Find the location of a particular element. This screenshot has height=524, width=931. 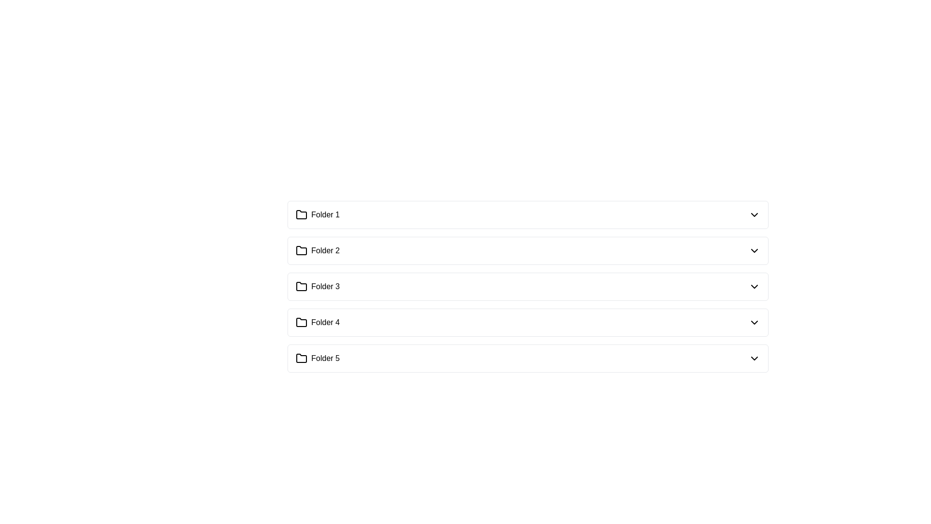

the downward-pointing arrow icon on the right side of the row labeled 'Folder 1' is located at coordinates (754, 214).